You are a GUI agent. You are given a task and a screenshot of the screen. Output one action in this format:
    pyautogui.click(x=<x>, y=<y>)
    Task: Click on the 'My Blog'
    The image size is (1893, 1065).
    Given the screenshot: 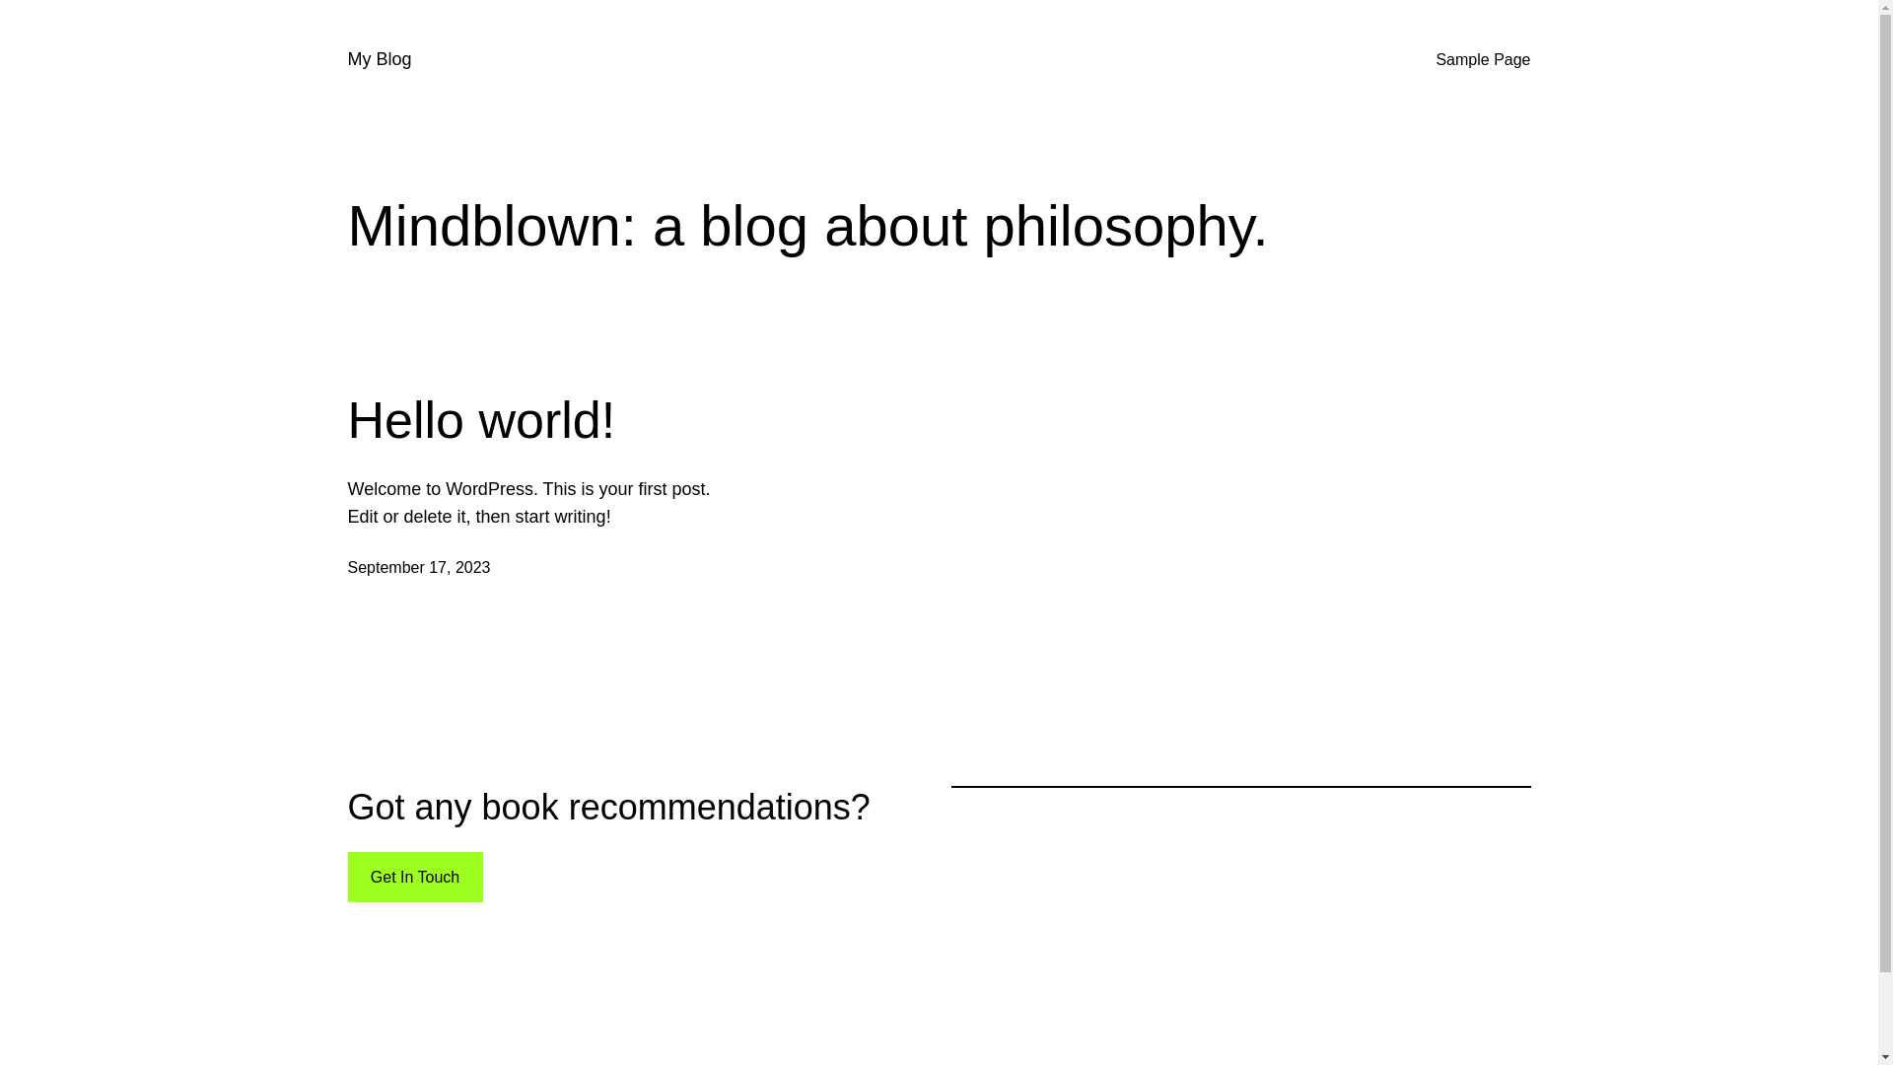 What is the action you would take?
    pyautogui.click(x=379, y=58)
    